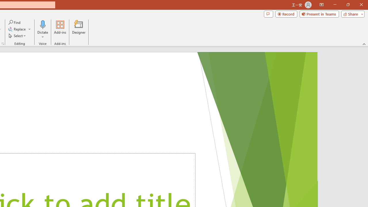 This screenshot has width=368, height=207. Describe the element at coordinates (351, 14) in the screenshot. I see `'Share'` at that location.